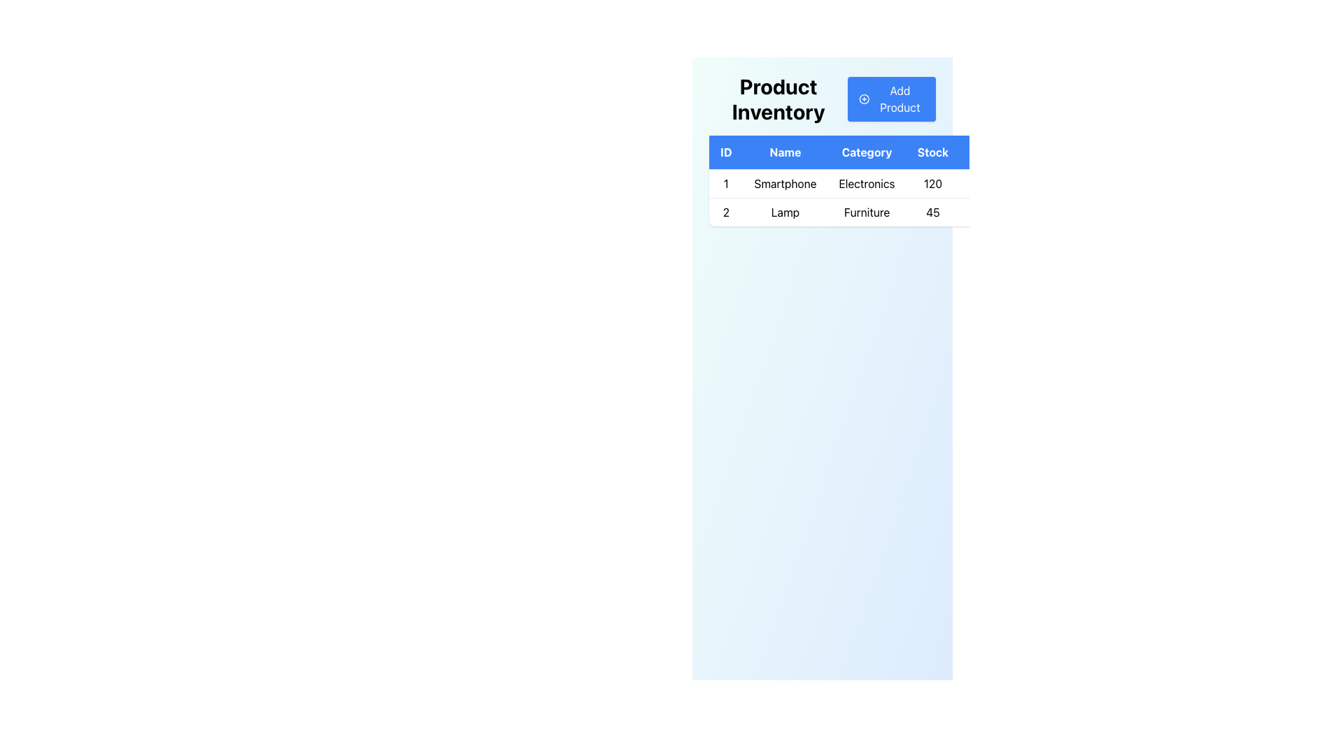 The height and width of the screenshot is (755, 1343). Describe the element at coordinates (865, 182) in the screenshot. I see `the first data row in the table that contains the product details for ID '1', Name 'Smartphone', Category 'Electronics', and Stock '120'` at that location.